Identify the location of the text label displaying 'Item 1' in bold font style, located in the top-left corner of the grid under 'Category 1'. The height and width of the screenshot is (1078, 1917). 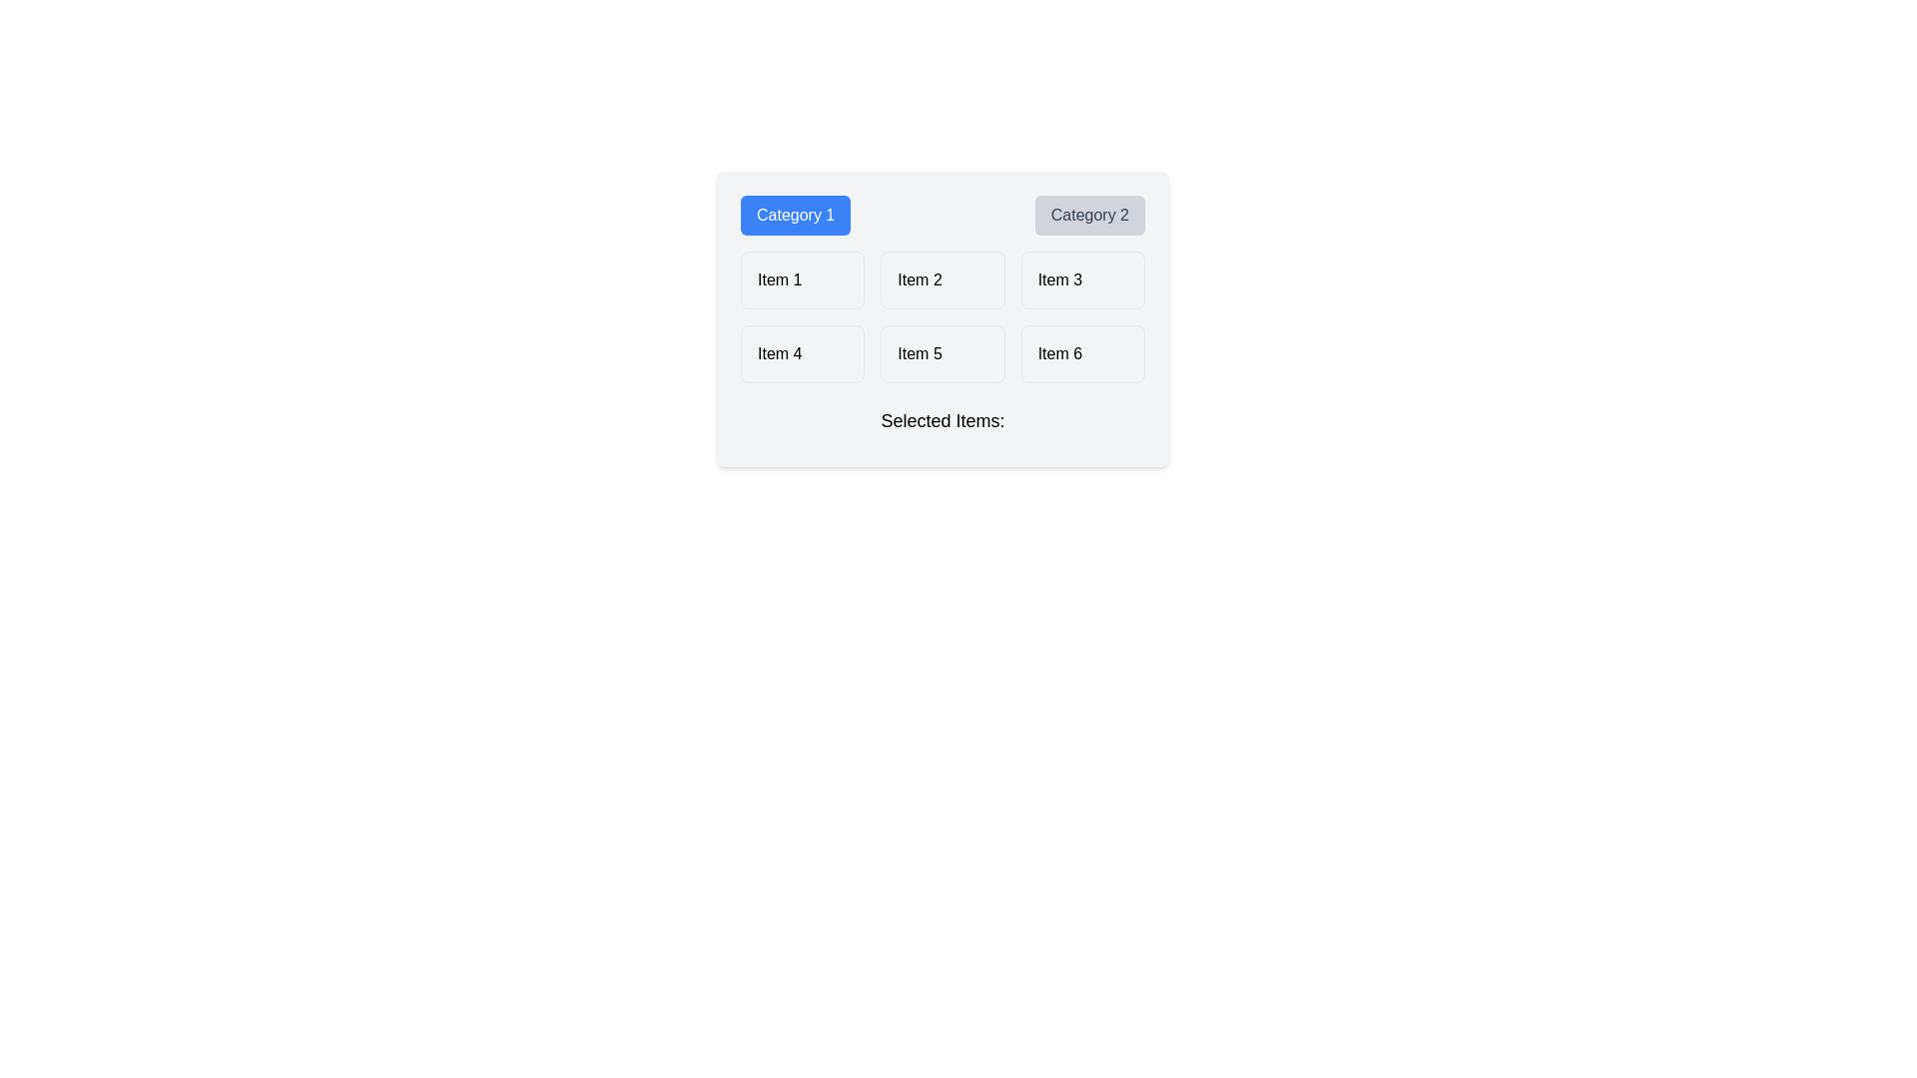
(779, 280).